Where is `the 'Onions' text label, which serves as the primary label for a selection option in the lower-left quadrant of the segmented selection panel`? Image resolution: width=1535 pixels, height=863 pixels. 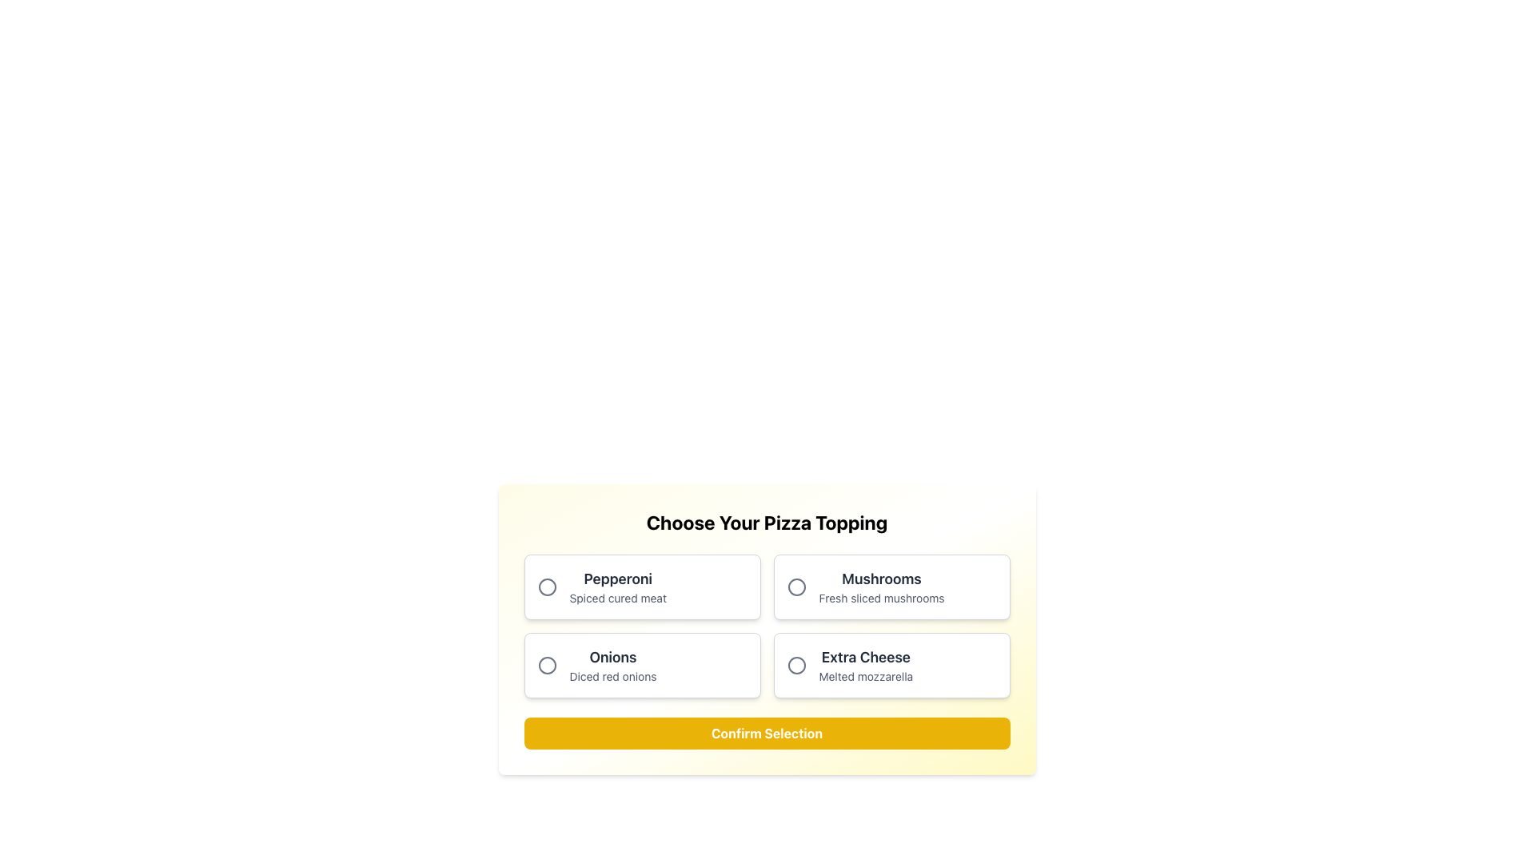 the 'Onions' text label, which serves as the primary label for a selection option in the lower-left quadrant of the segmented selection panel is located at coordinates (612, 657).